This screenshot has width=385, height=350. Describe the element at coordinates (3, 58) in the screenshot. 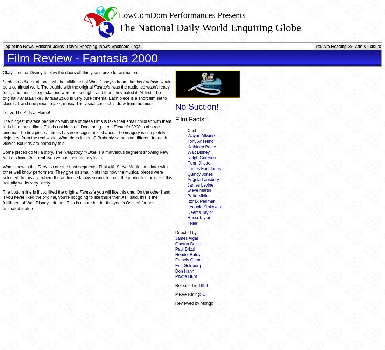

I see `'Film Review - Fantasia 2000'` at that location.